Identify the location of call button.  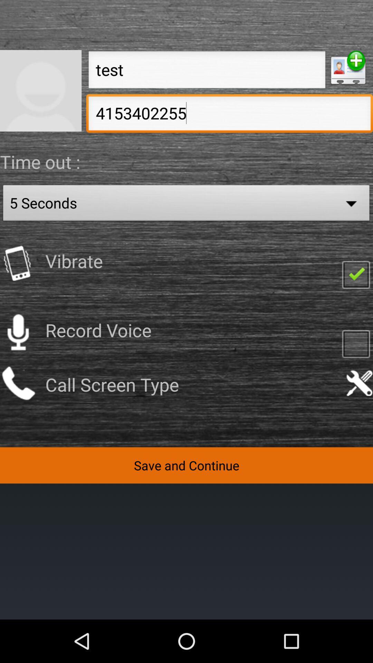
(18, 383).